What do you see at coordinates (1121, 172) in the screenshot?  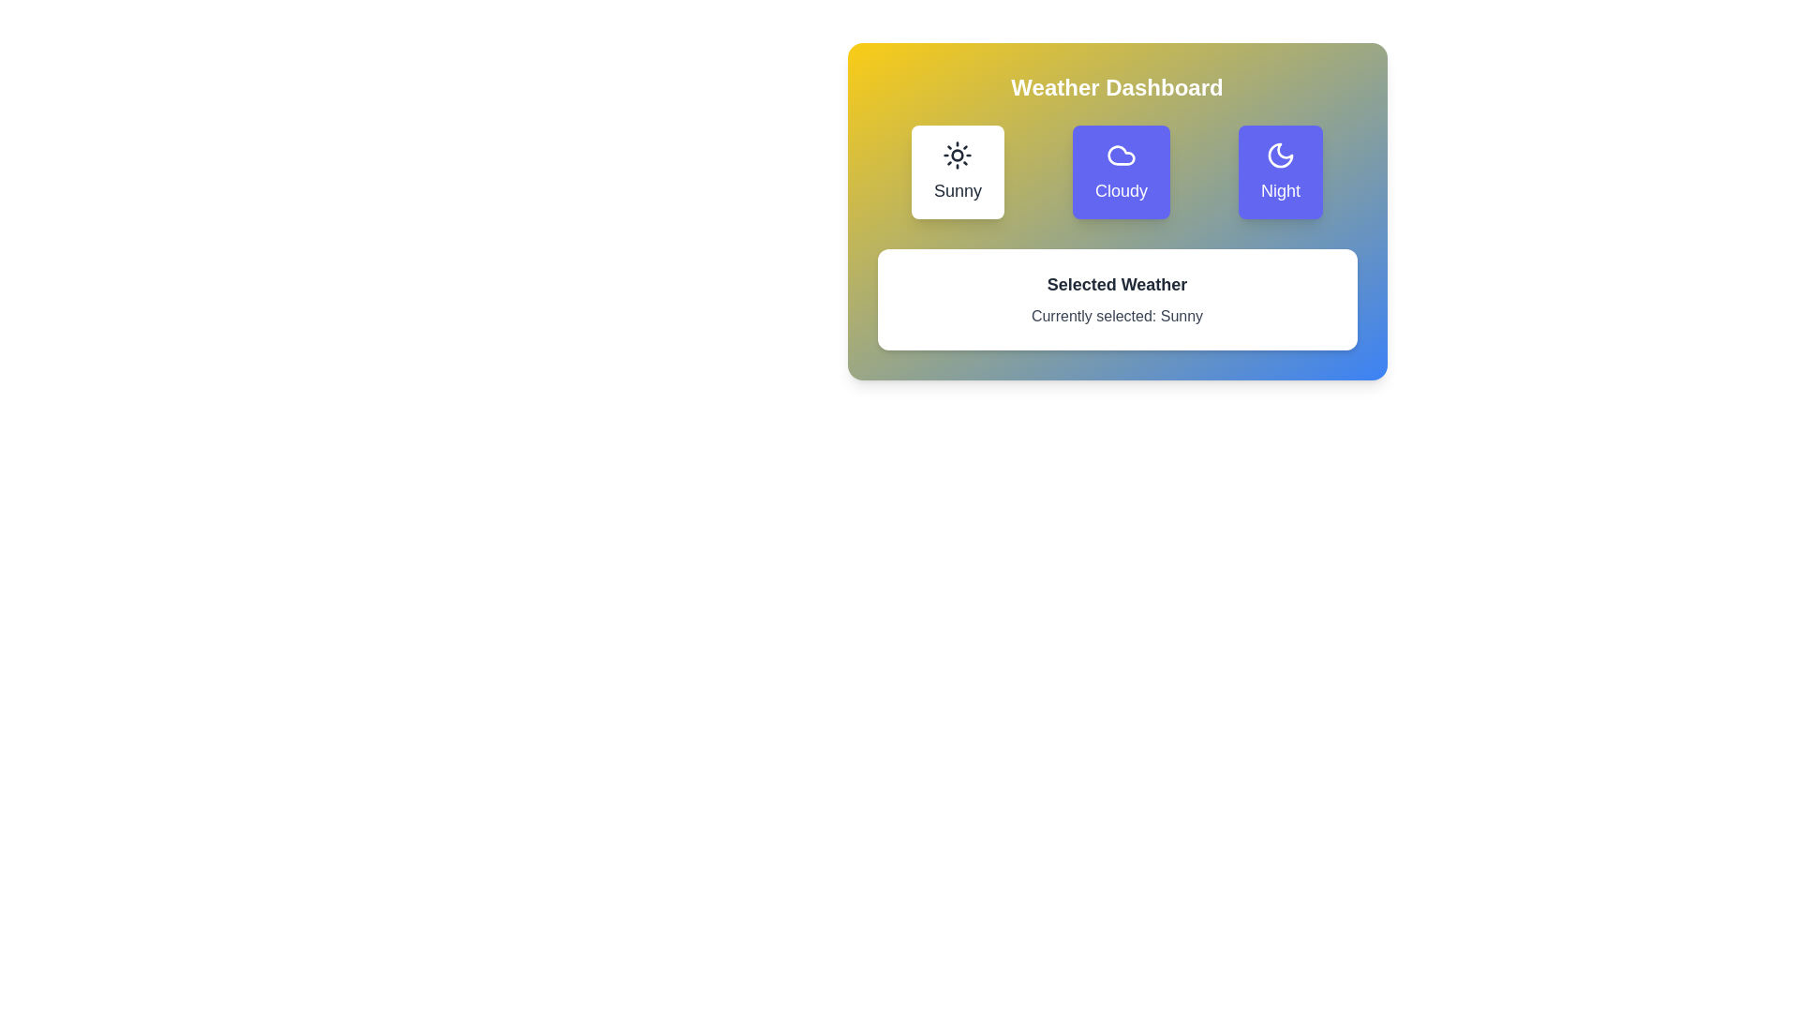 I see `the 'Cloudy' weather button in the Weather Dashboard` at bounding box center [1121, 172].